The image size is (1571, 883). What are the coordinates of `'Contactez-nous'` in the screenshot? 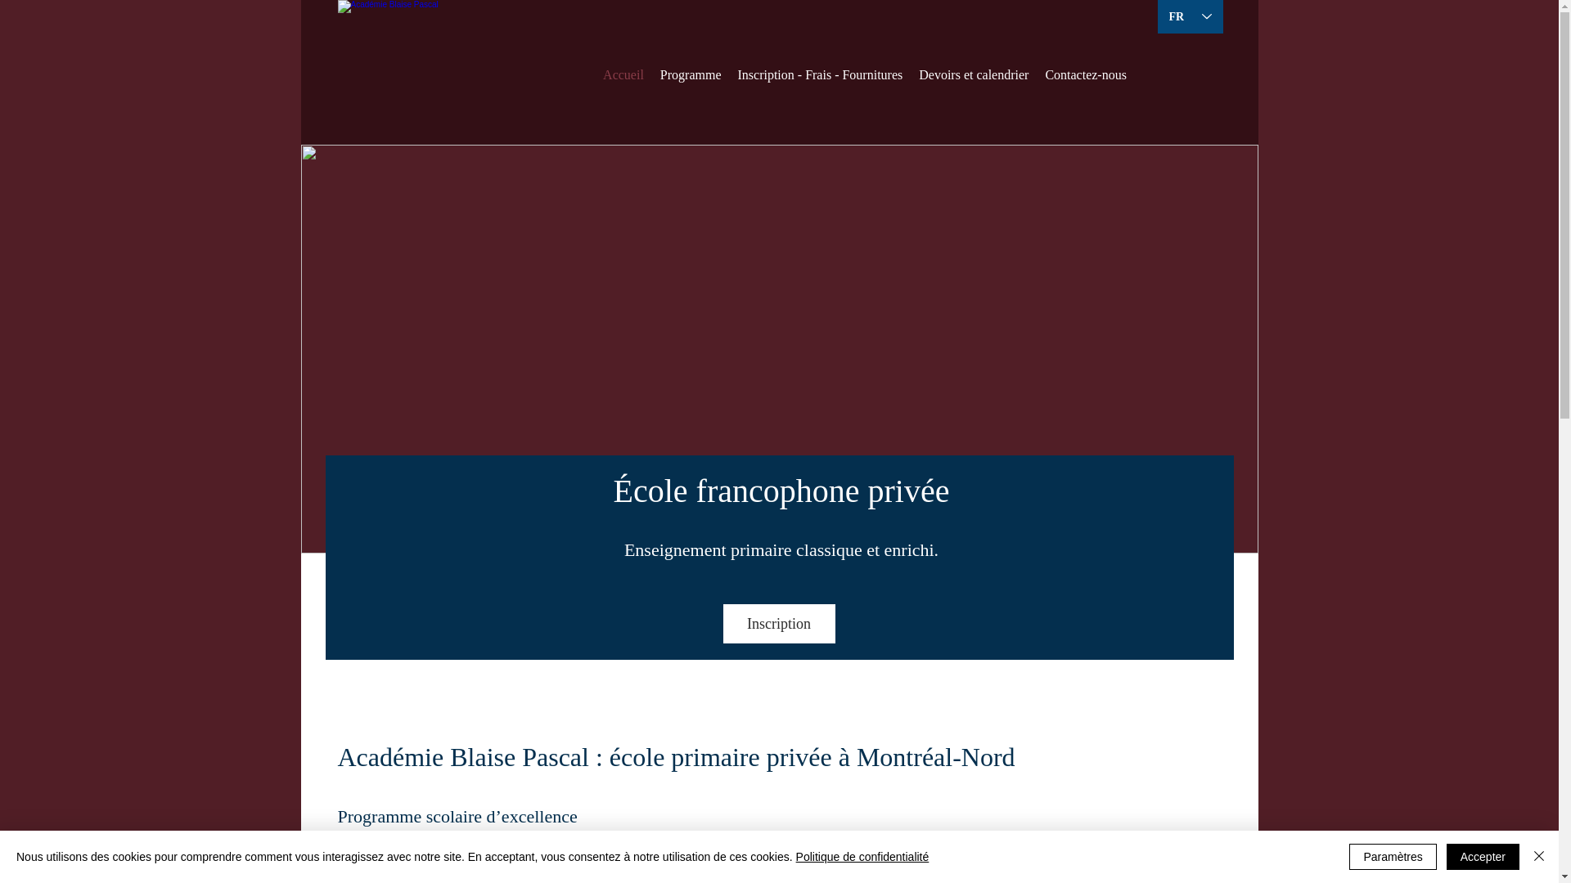 It's located at (1085, 74).